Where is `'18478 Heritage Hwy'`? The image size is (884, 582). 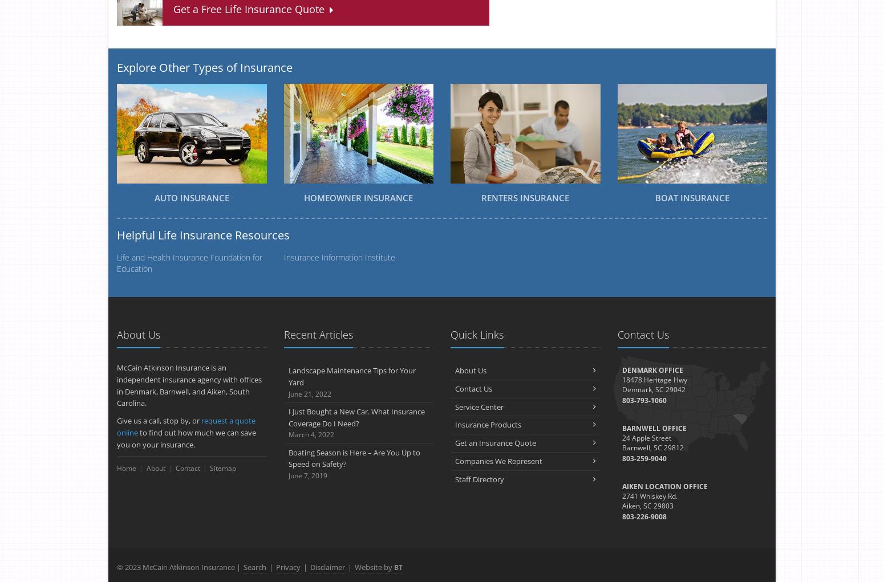
'18478 Heritage Hwy' is located at coordinates (621, 379).